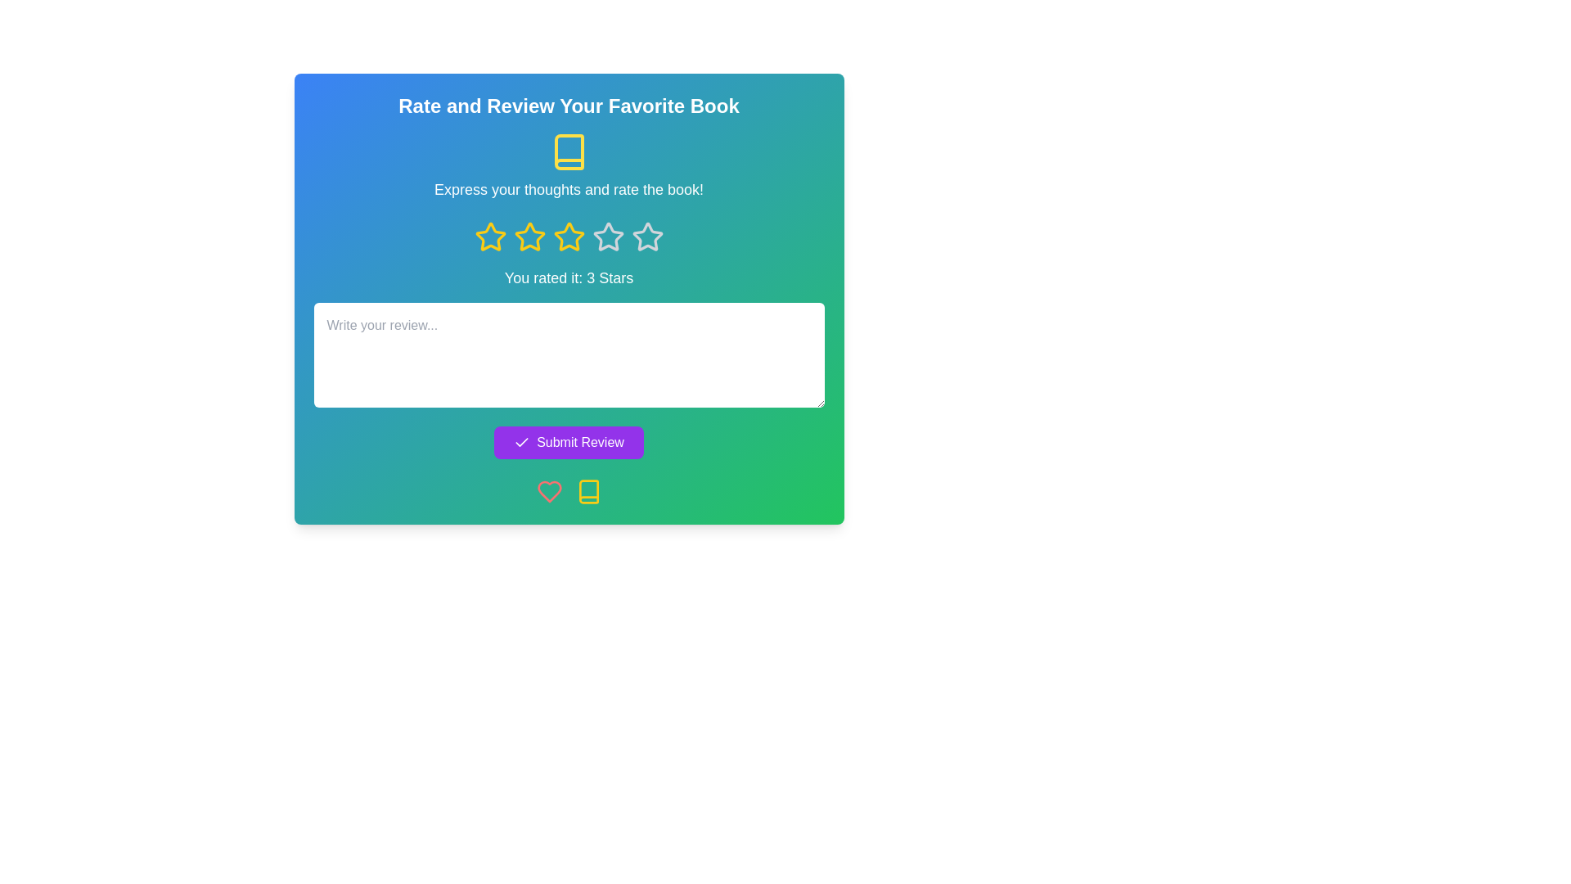  What do you see at coordinates (569, 151) in the screenshot?
I see `the book SVG icon located at the center of the dialog box, positioned above the text 'Express your thoughts and rate the book!' and beneath the title 'Rate and Review Your Favorite Book.'` at bounding box center [569, 151].